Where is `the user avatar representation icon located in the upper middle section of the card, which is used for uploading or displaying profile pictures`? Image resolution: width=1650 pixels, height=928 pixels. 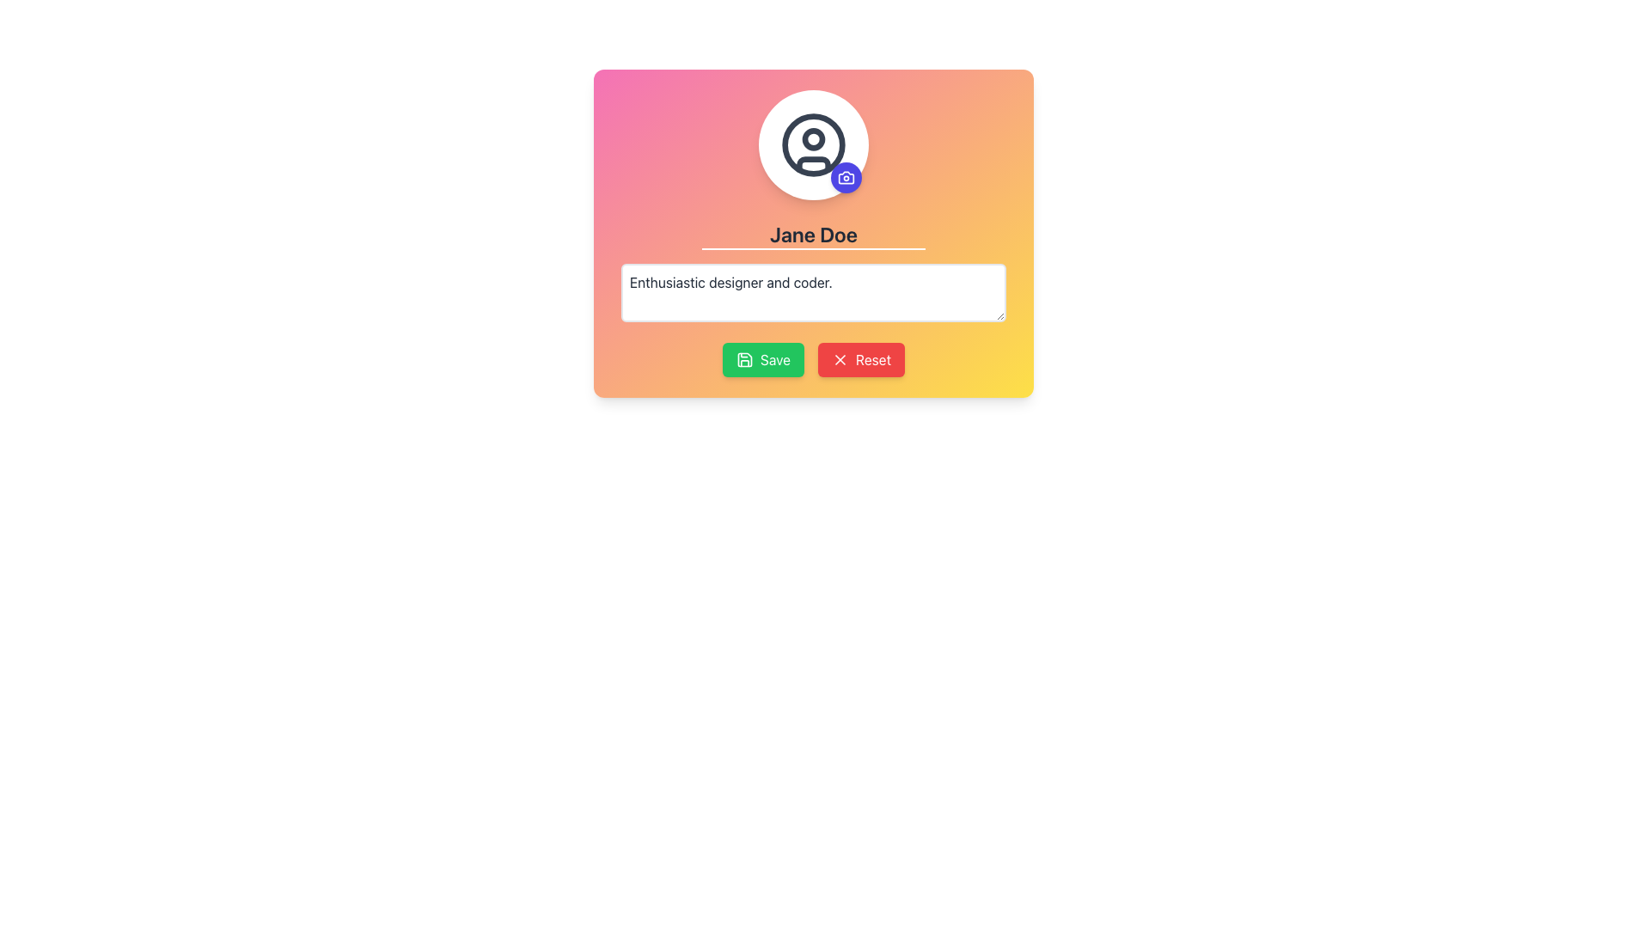 the user avatar representation icon located in the upper middle section of the card, which is used for uploading or displaying profile pictures is located at coordinates (812, 144).